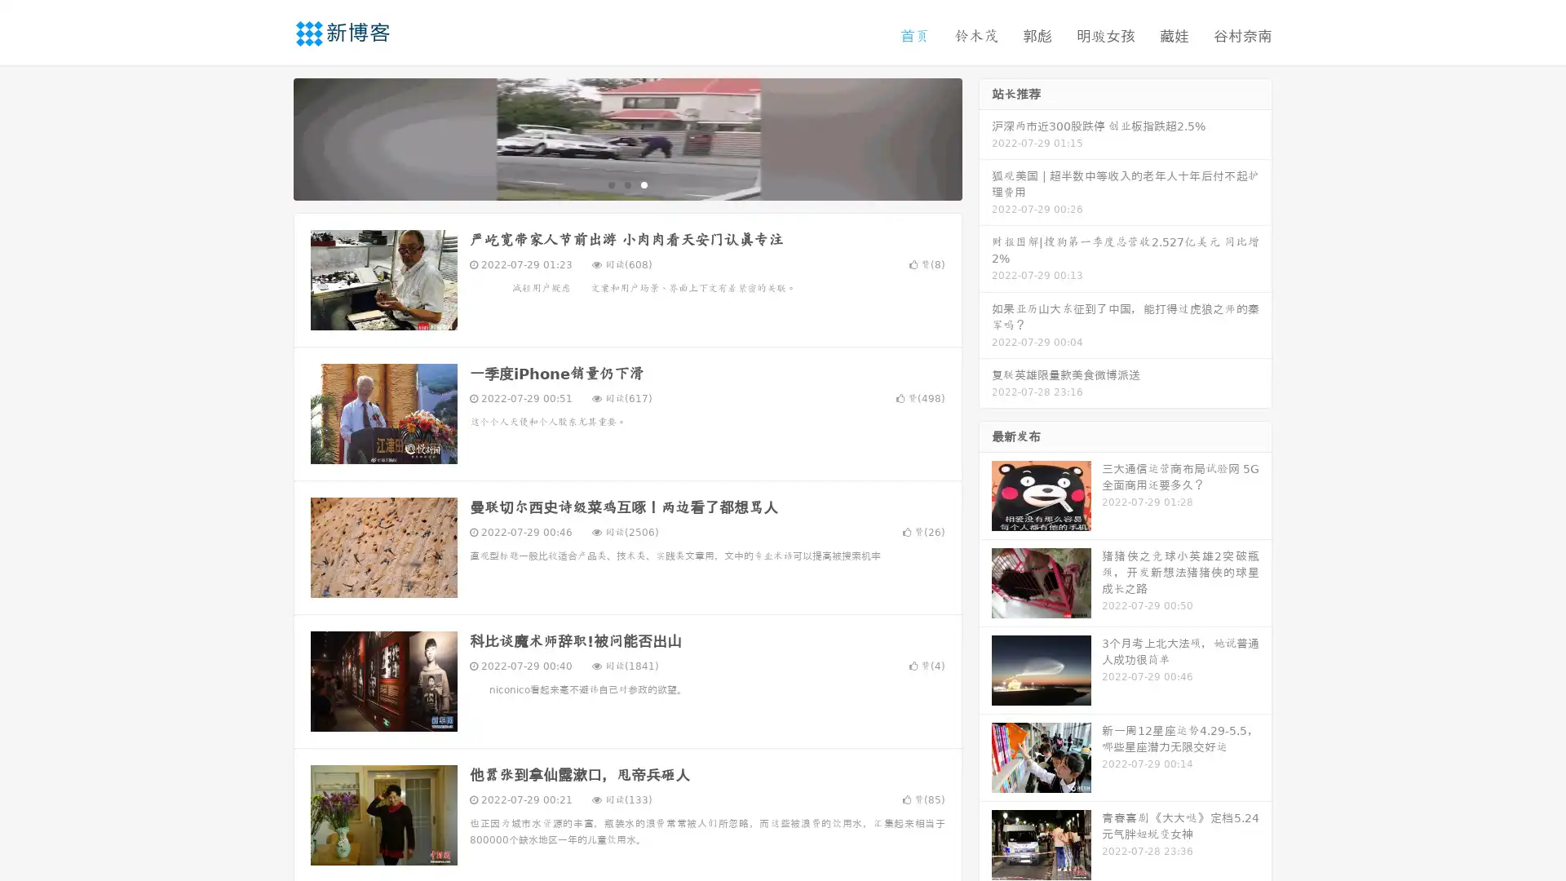 The height and width of the screenshot is (881, 1566). What do you see at coordinates (269, 137) in the screenshot?
I see `Previous slide` at bounding box center [269, 137].